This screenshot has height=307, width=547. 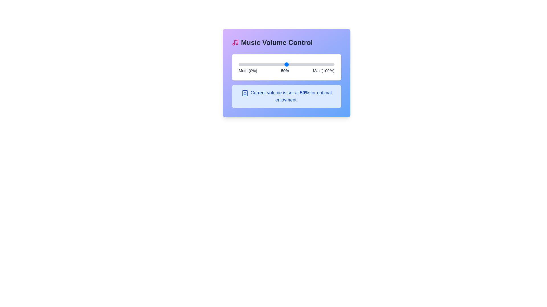 I want to click on the volume slider to set the volume to 18%, so click(x=256, y=64).